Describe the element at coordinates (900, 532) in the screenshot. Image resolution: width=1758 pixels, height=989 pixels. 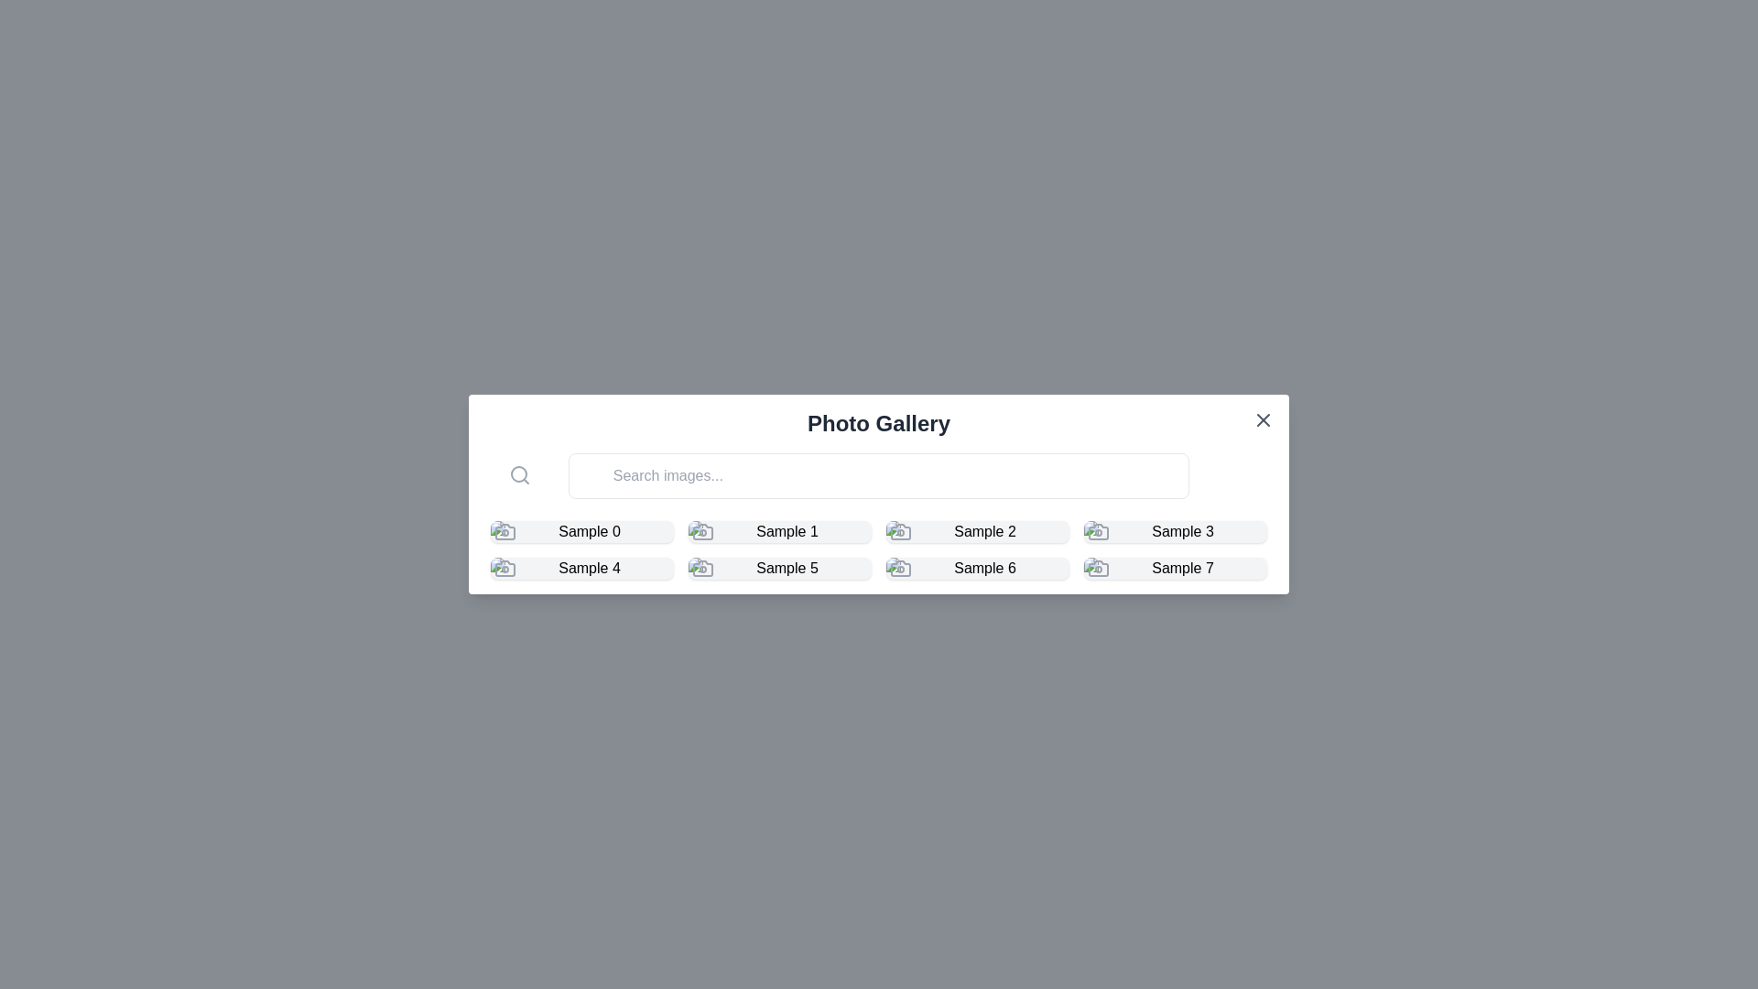
I see `the camera icon, which has a simple outlined design with rounded corners and a centered circular lens, located in the middle-left area of the third thumbnail in the first row of images` at that location.